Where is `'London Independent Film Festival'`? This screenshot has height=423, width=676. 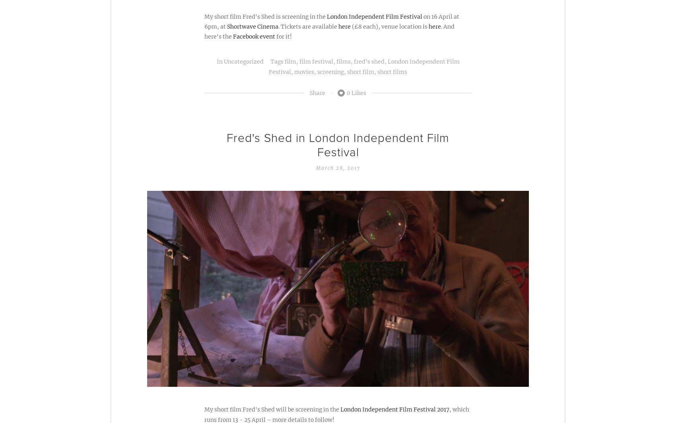 'London Independent Film Festival' is located at coordinates (374, 16).